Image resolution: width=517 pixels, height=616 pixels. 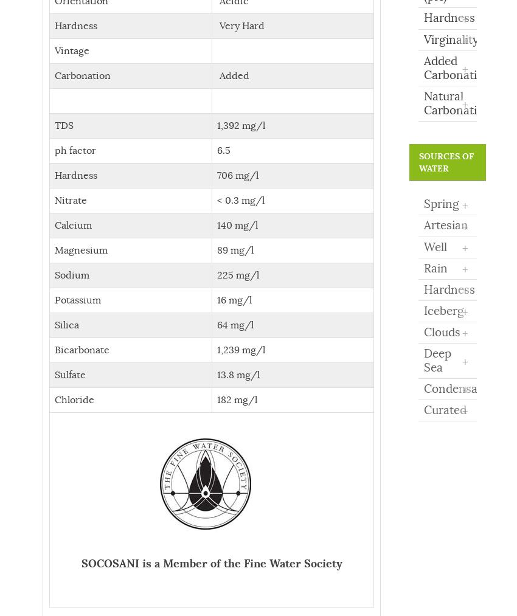 I want to click on '89 mg/l', so click(x=234, y=249).